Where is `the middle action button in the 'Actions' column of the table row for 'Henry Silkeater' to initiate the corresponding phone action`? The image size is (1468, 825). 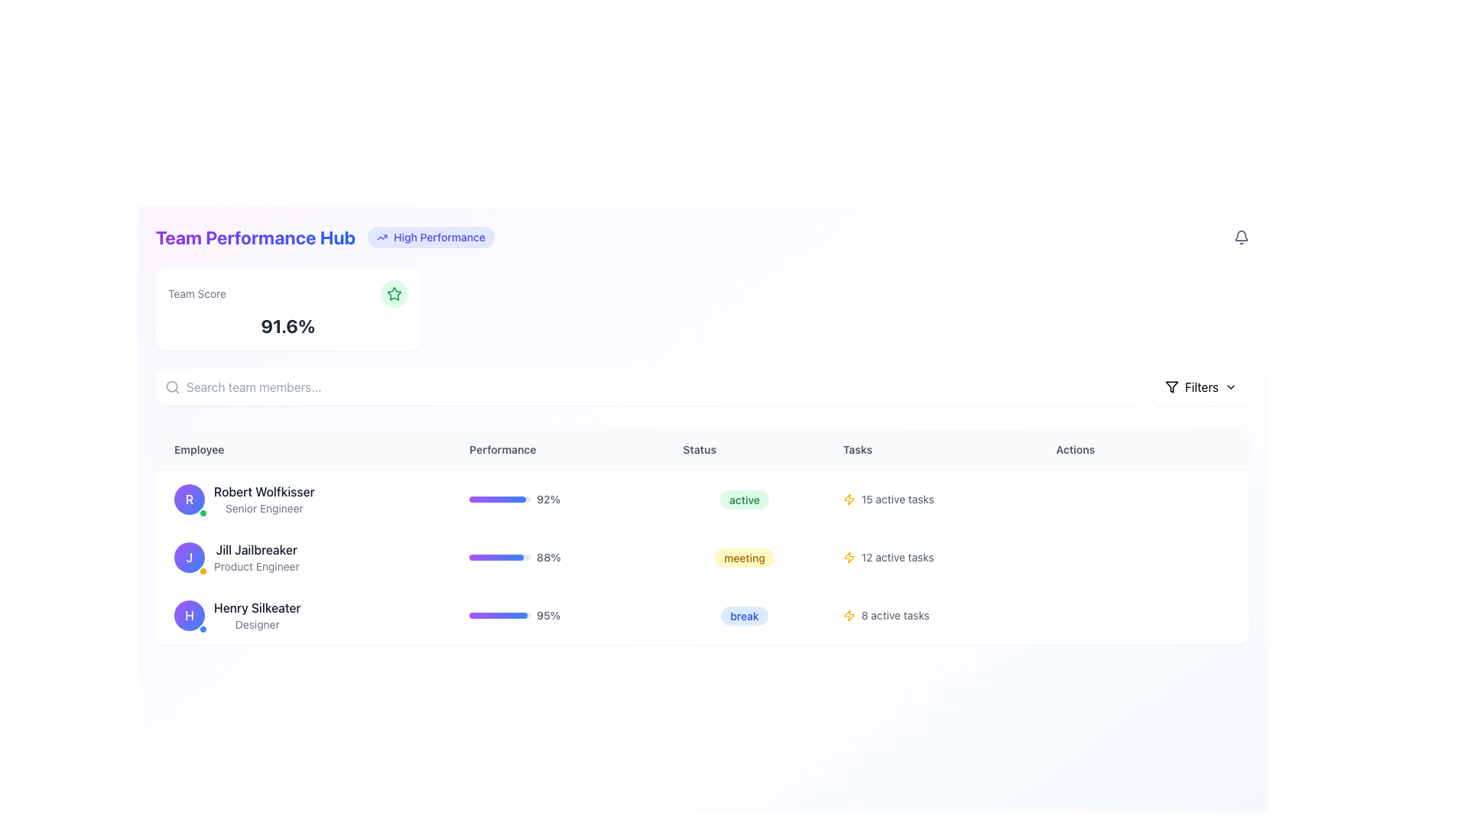
the middle action button in the 'Actions' column of the table row for 'Henry Silkeater' to initiate the corresponding phone action is located at coordinates (1101, 615).